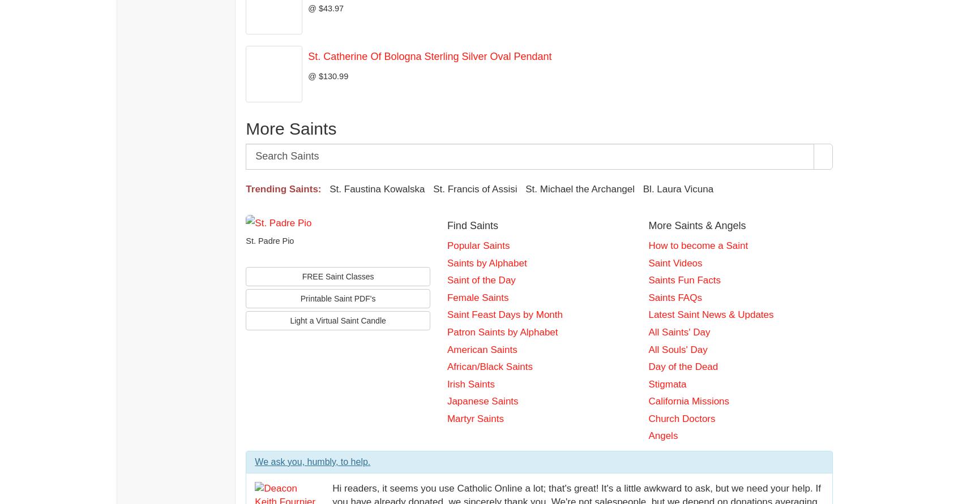 This screenshot has width=958, height=504. What do you see at coordinates (478, 245) in the screenshot?
I see `'Popular Saints'` at bounding box center [478, 245].